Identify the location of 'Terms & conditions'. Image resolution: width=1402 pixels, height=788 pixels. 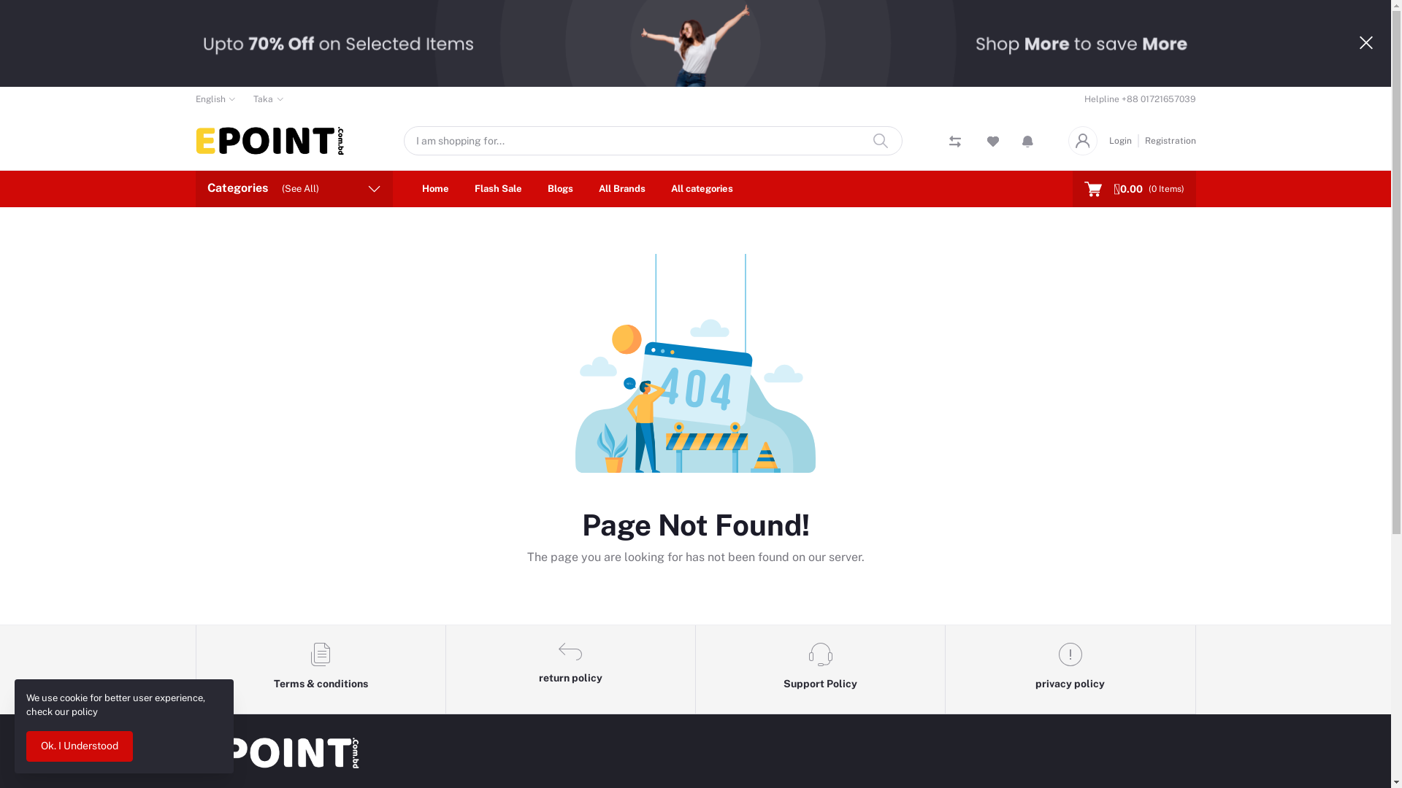
(319, 670).